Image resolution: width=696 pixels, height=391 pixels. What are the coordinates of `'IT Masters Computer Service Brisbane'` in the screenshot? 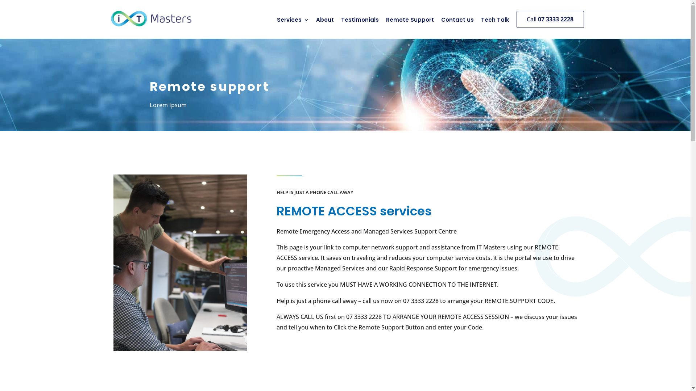 It's located at (151, 18).